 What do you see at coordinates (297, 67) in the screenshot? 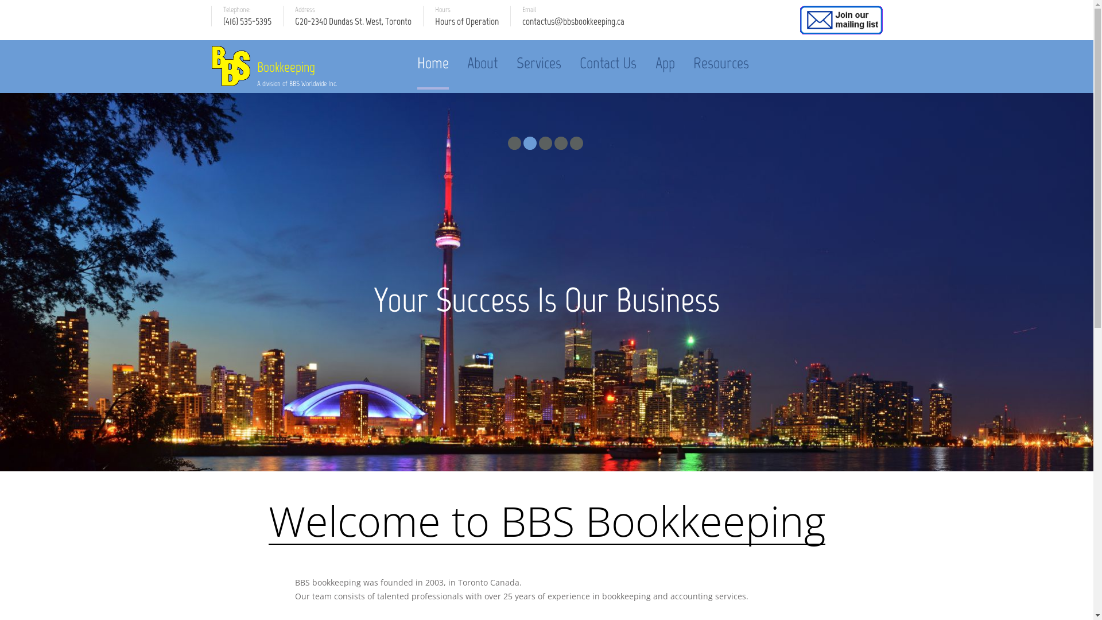
I see `'Bookkeeping'` at bounding box center [297, 67].